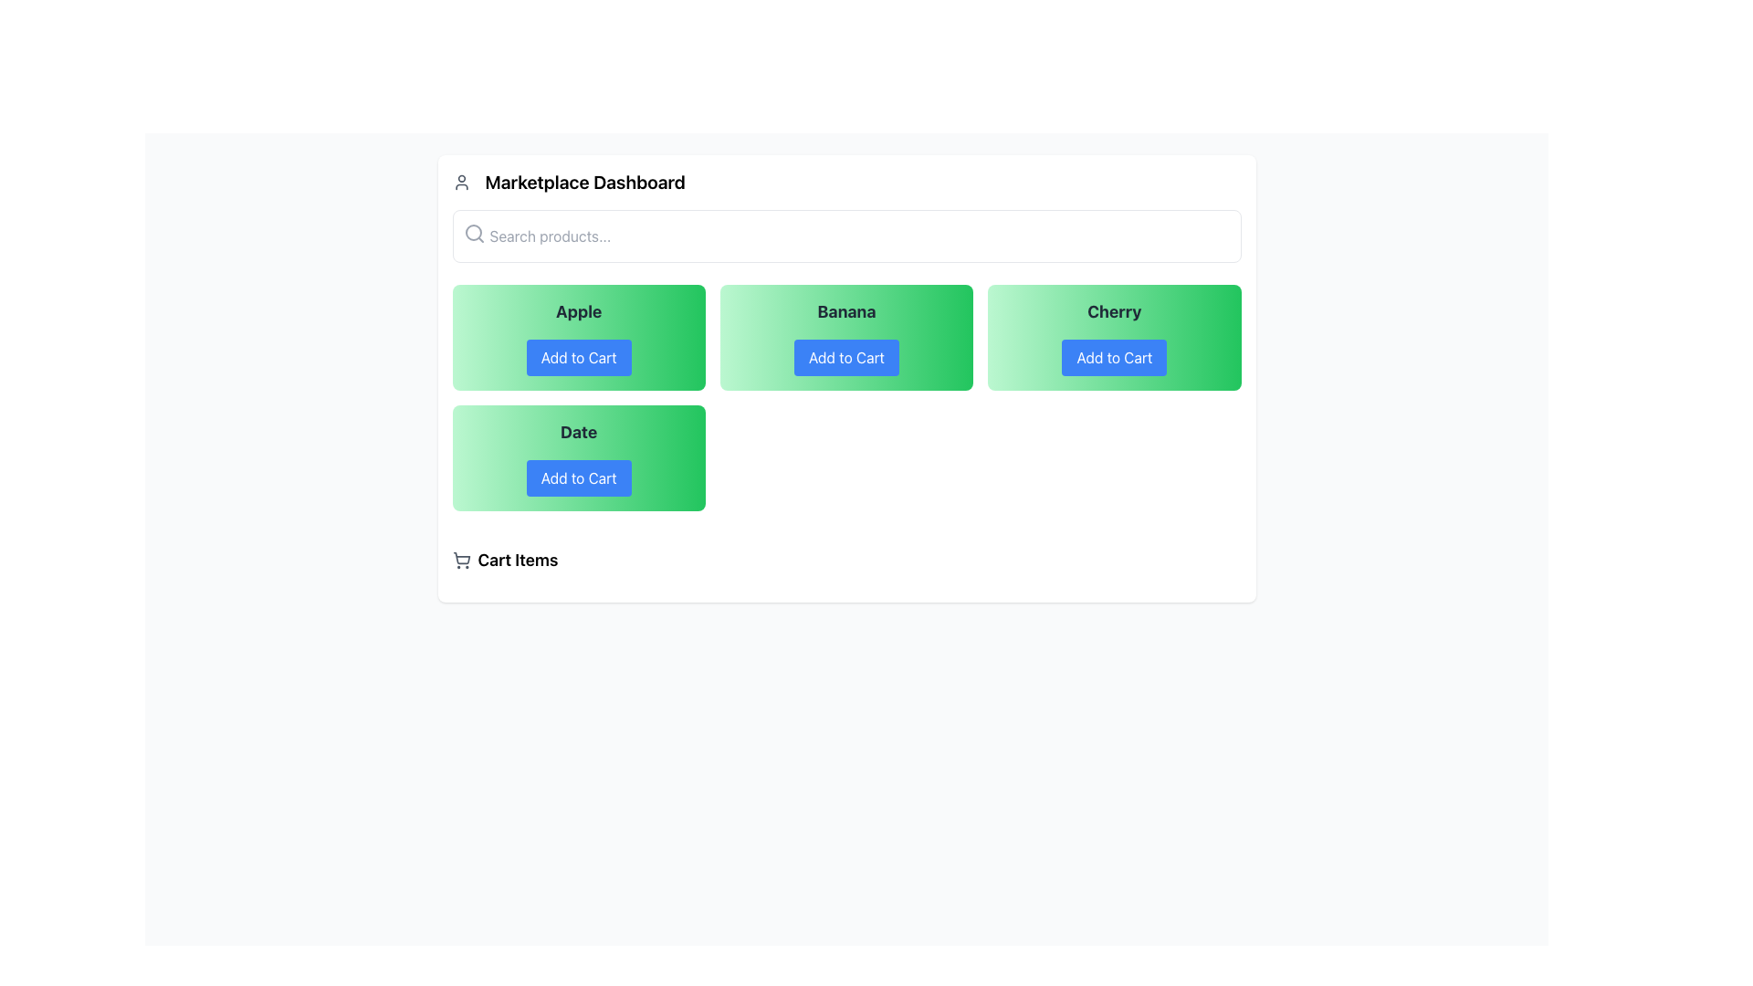 The width and height of the screenshot is (1753, 986). Describe the element at coordinates (578, 433) in the screenshot. I see `the bold, large-sized text label reading 'Date' that is located within a rounded rectangular card with a gradient green background` at that location.